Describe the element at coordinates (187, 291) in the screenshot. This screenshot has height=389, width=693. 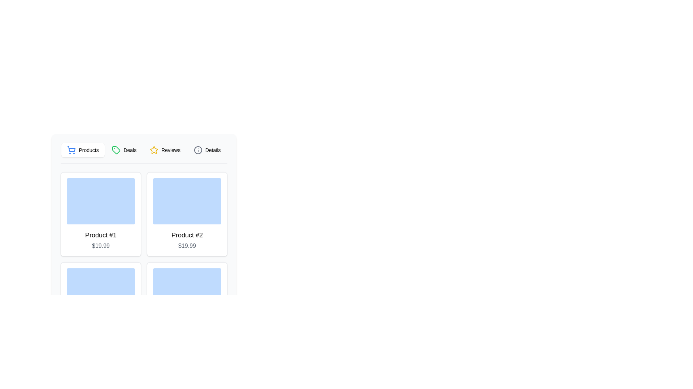
I see `the image placeholder with a soft blue background and rounded corners located in the fourth card of the grid layout, directly above 'Product #4' and '$19.99'` at that location.